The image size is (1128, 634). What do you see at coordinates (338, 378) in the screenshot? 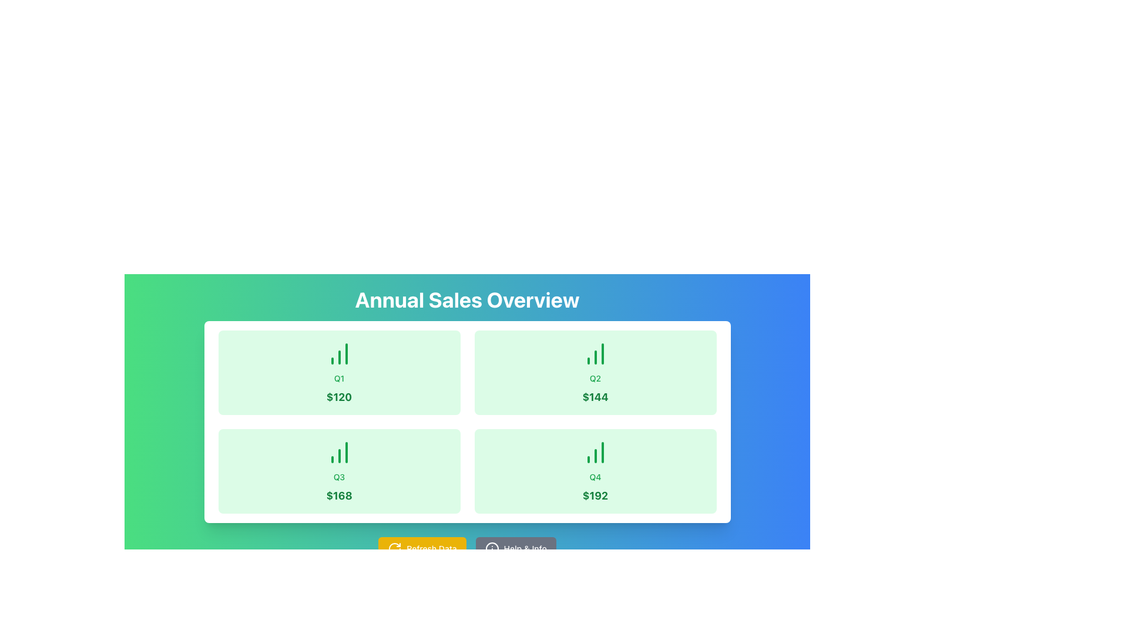
I see `text label indicating the quarter, 'Q1', positioned above the numerical value '$120' in the upper-left card of the 2x2 grid layout` at bounding box center [338, 378].